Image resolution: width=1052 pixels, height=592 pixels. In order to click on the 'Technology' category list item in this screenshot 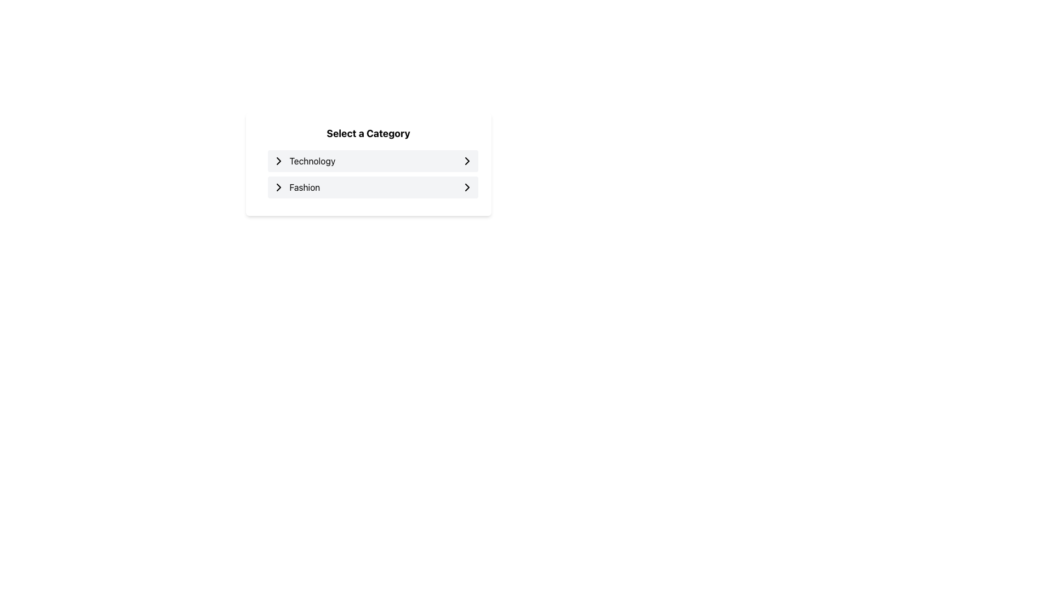, I will do `click(304, 161)`.